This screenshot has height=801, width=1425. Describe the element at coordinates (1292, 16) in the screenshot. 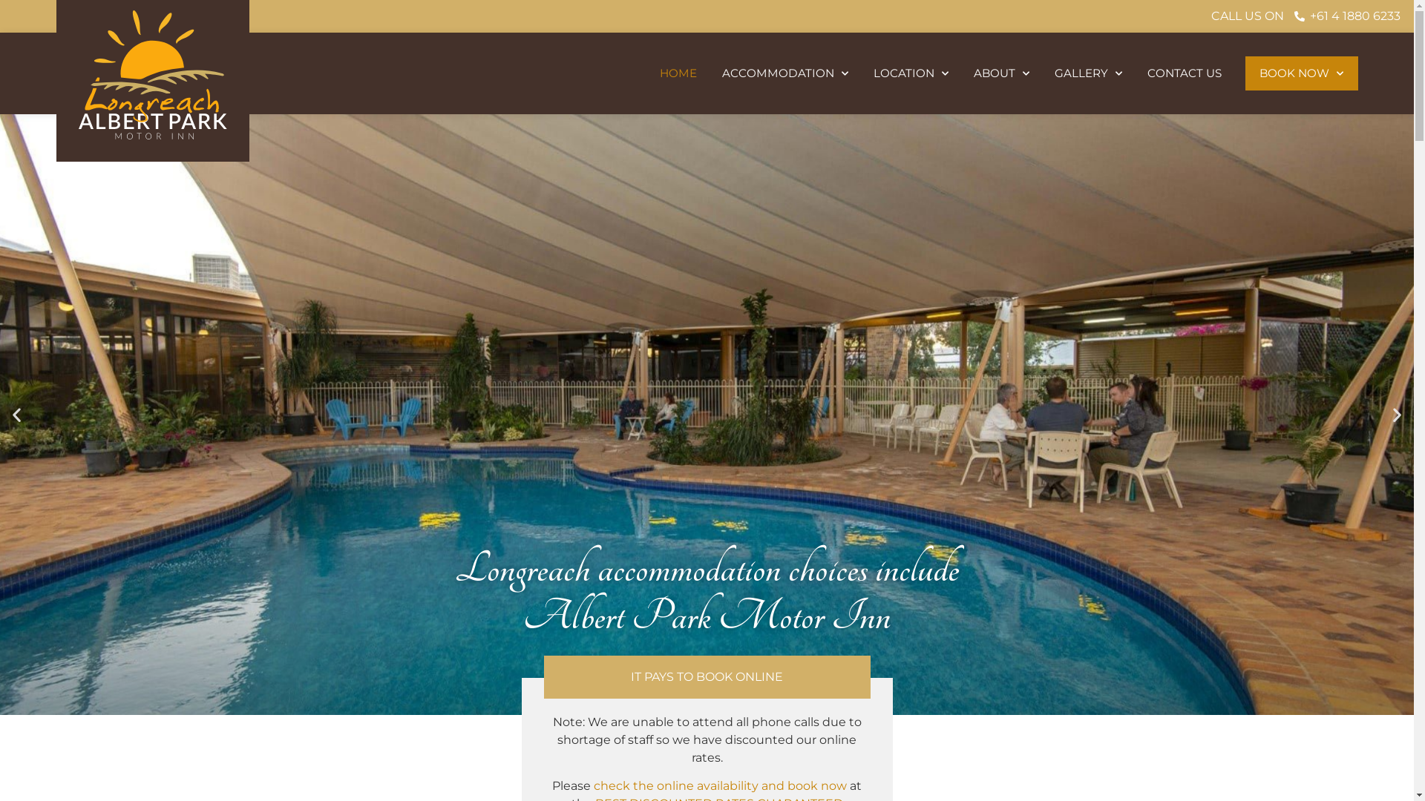

I see `'+61 4 1880 6233'` at that location.